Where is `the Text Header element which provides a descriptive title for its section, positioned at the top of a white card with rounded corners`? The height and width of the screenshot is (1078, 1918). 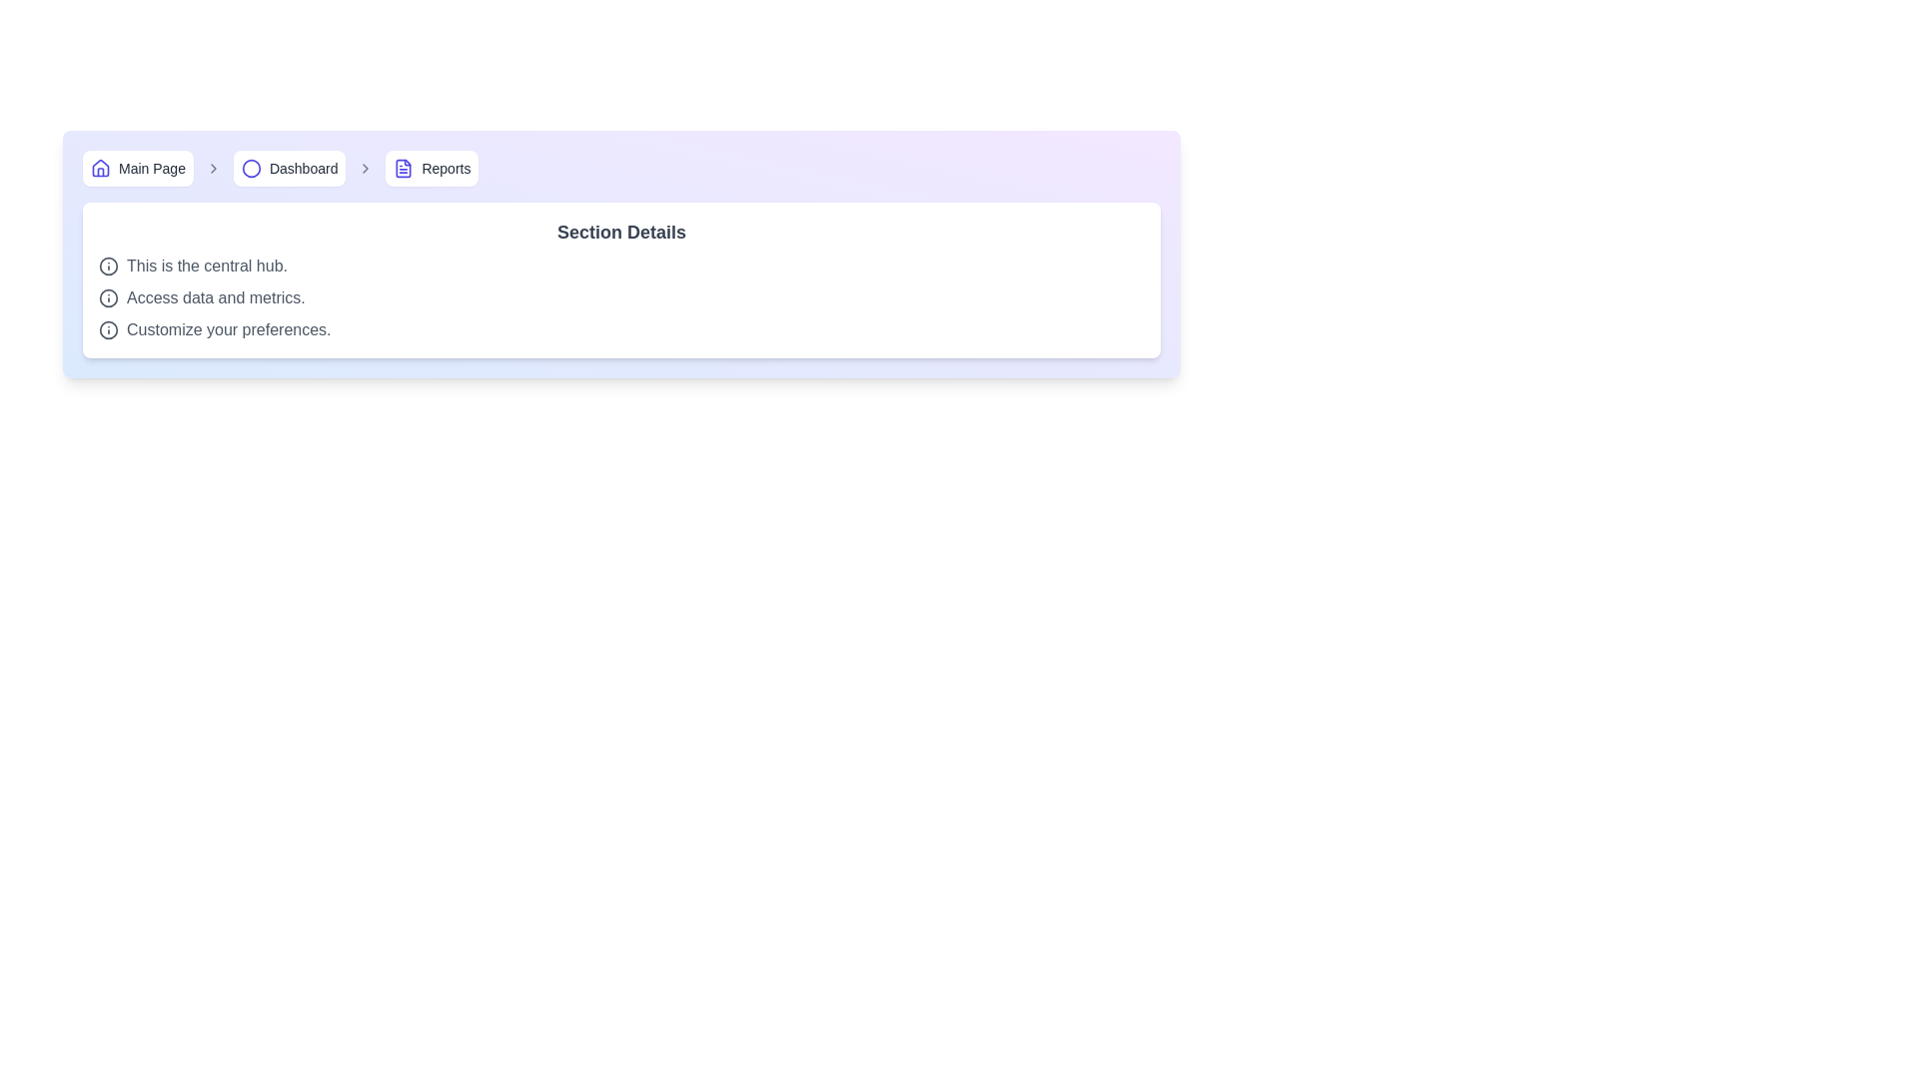 the Text Header element which provides a descriptive title for its section, positioned at the top of a white card with rounded corners is located at coordinates (620, 231).